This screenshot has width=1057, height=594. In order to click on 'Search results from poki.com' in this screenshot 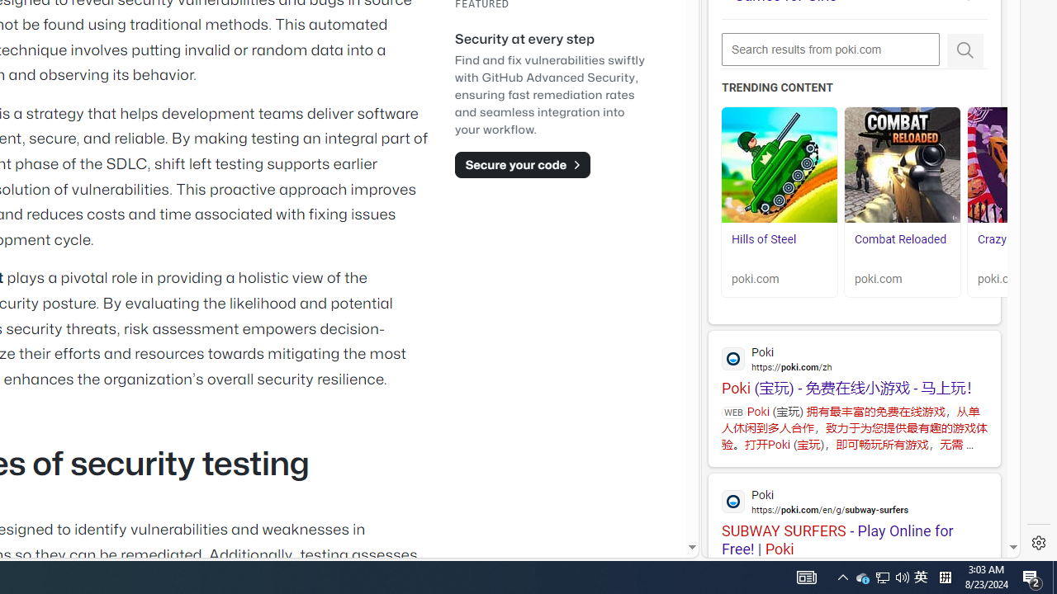, I will do `click(831, 49)`.